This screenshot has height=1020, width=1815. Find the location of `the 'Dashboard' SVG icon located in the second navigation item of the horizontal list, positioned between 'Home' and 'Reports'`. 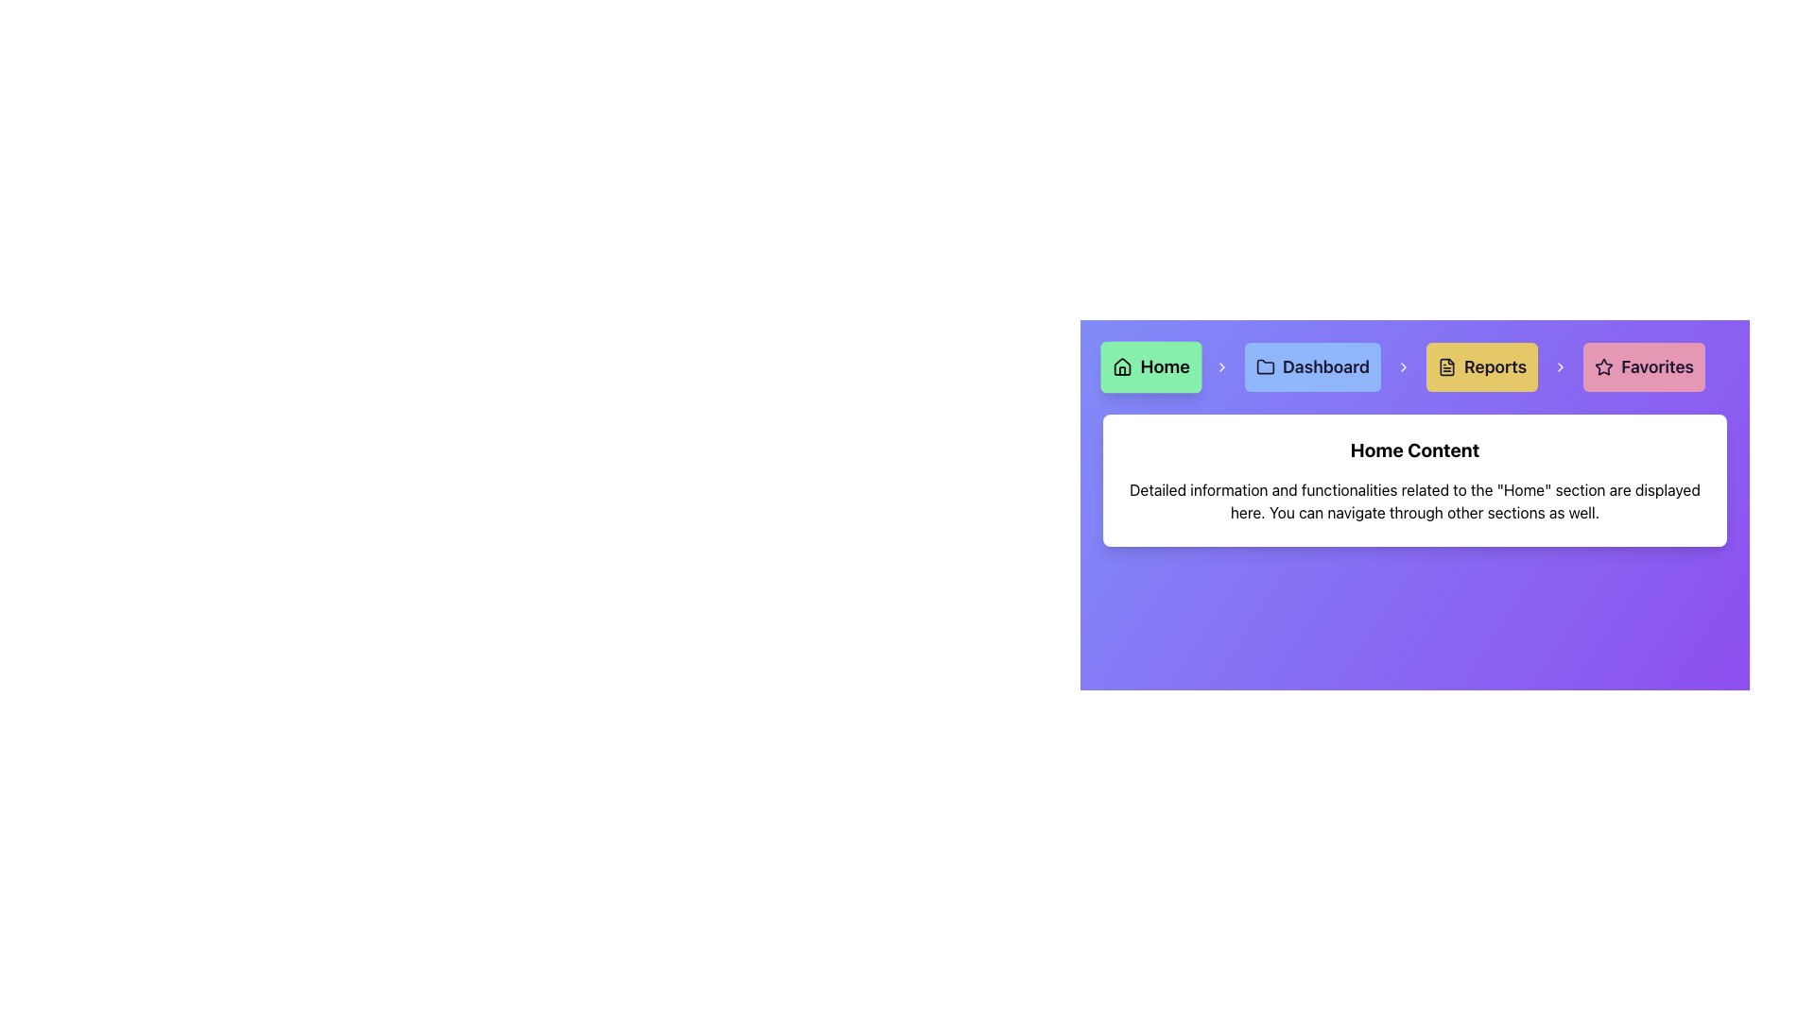

the 'Dashboard' SVG icon located in the second navigation item of the horizontal list, positioned between 'Home' and 'Reports' is located at coordinates (1266, 366).